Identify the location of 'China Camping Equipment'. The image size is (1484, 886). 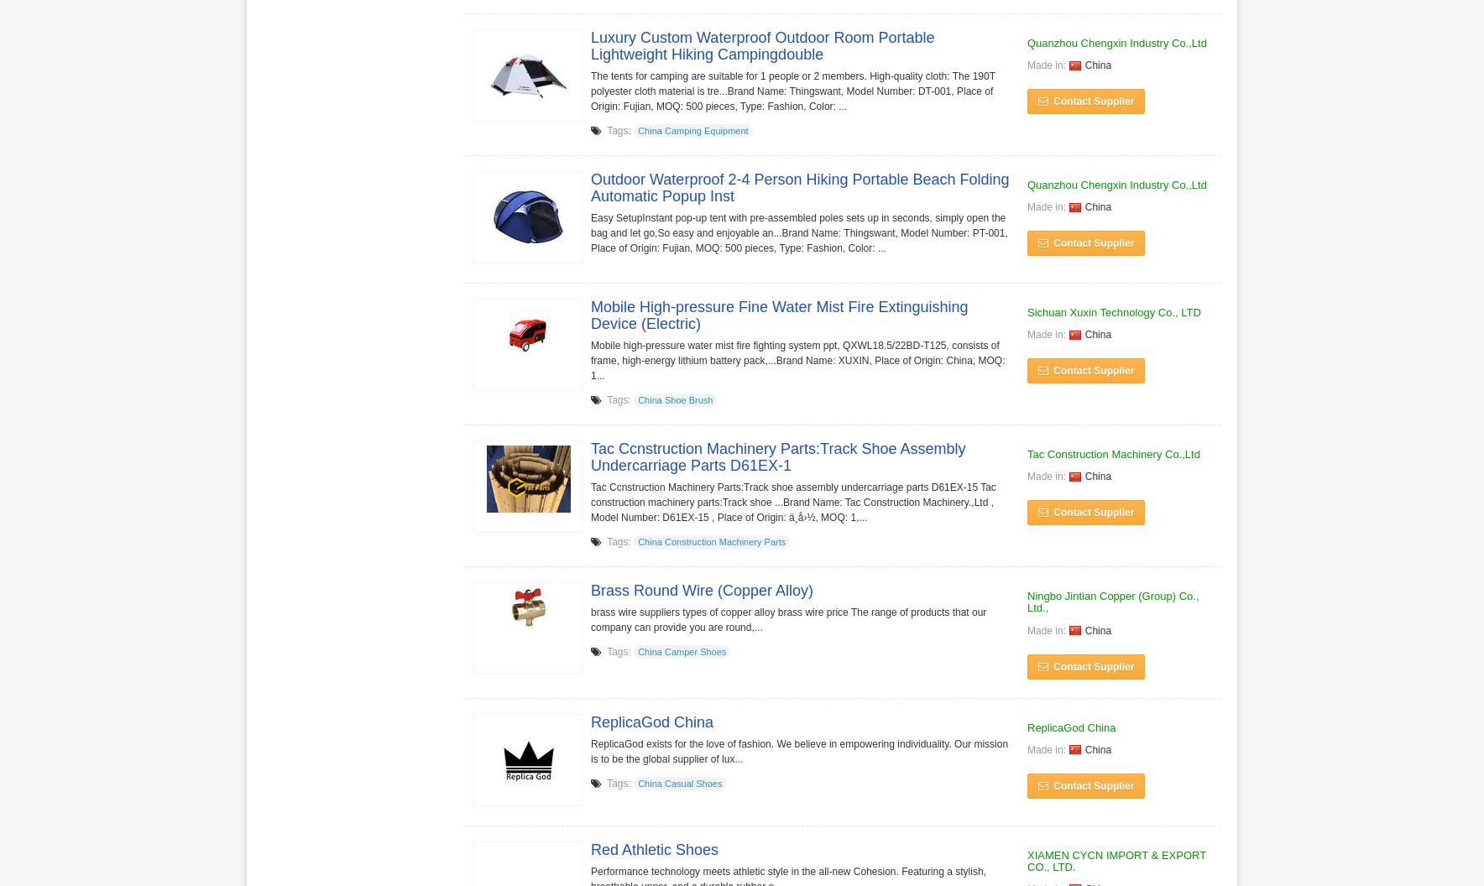
(692, 130).